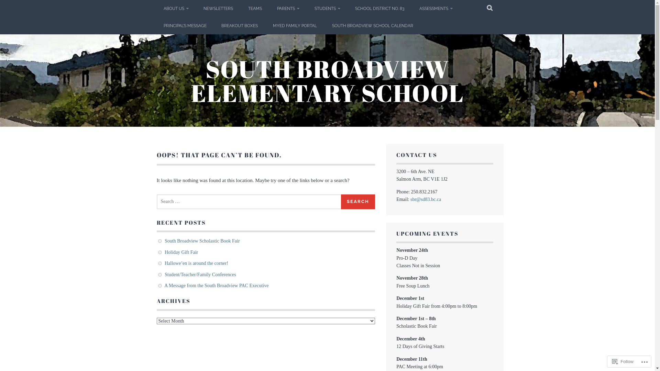 This screenshot has height=371, width=660. What do you see at coordinates (196, 8) in the screenshot?
I see `'NEWSLETTERS'` at bounding box center [196, 8].